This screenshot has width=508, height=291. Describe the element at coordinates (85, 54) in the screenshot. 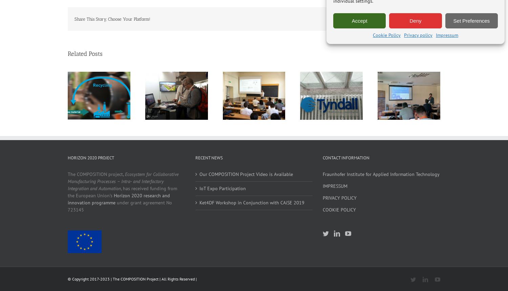

I see `'Related Posts'` at that location.